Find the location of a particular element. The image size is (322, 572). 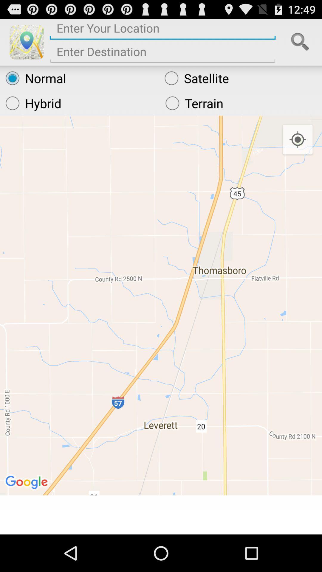

the location_crosshair icon is located at coordinates (298, 150).